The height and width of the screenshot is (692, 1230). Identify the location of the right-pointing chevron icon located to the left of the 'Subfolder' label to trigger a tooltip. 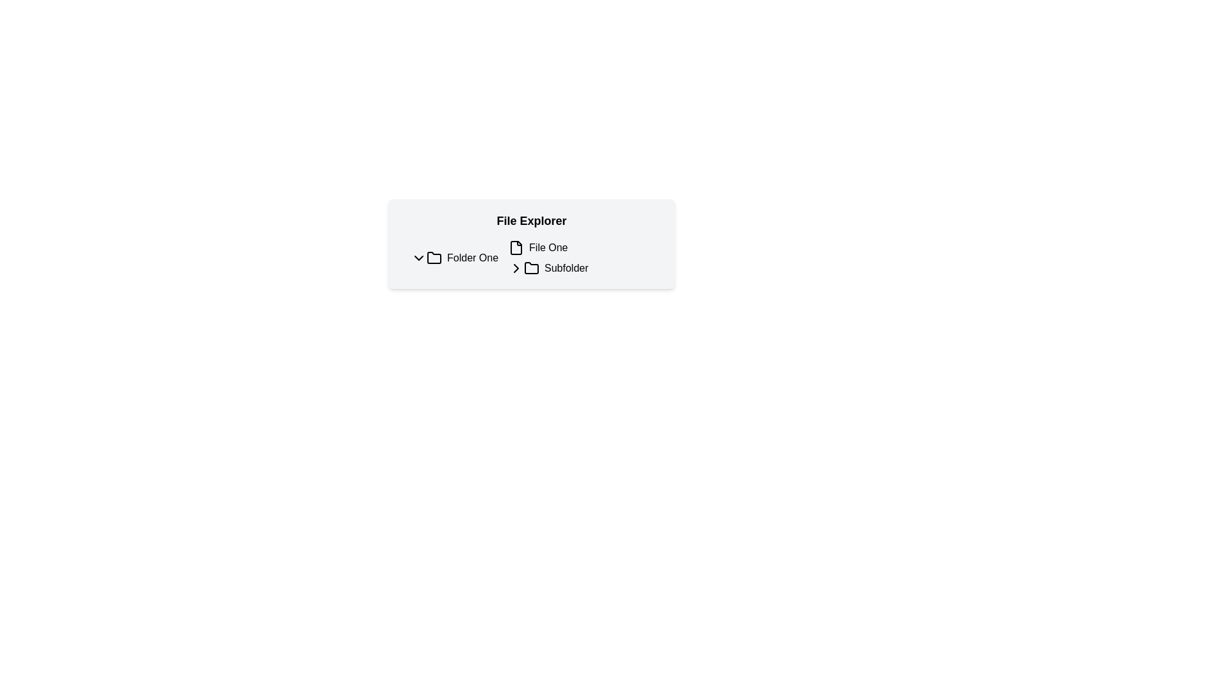
(516, 268).